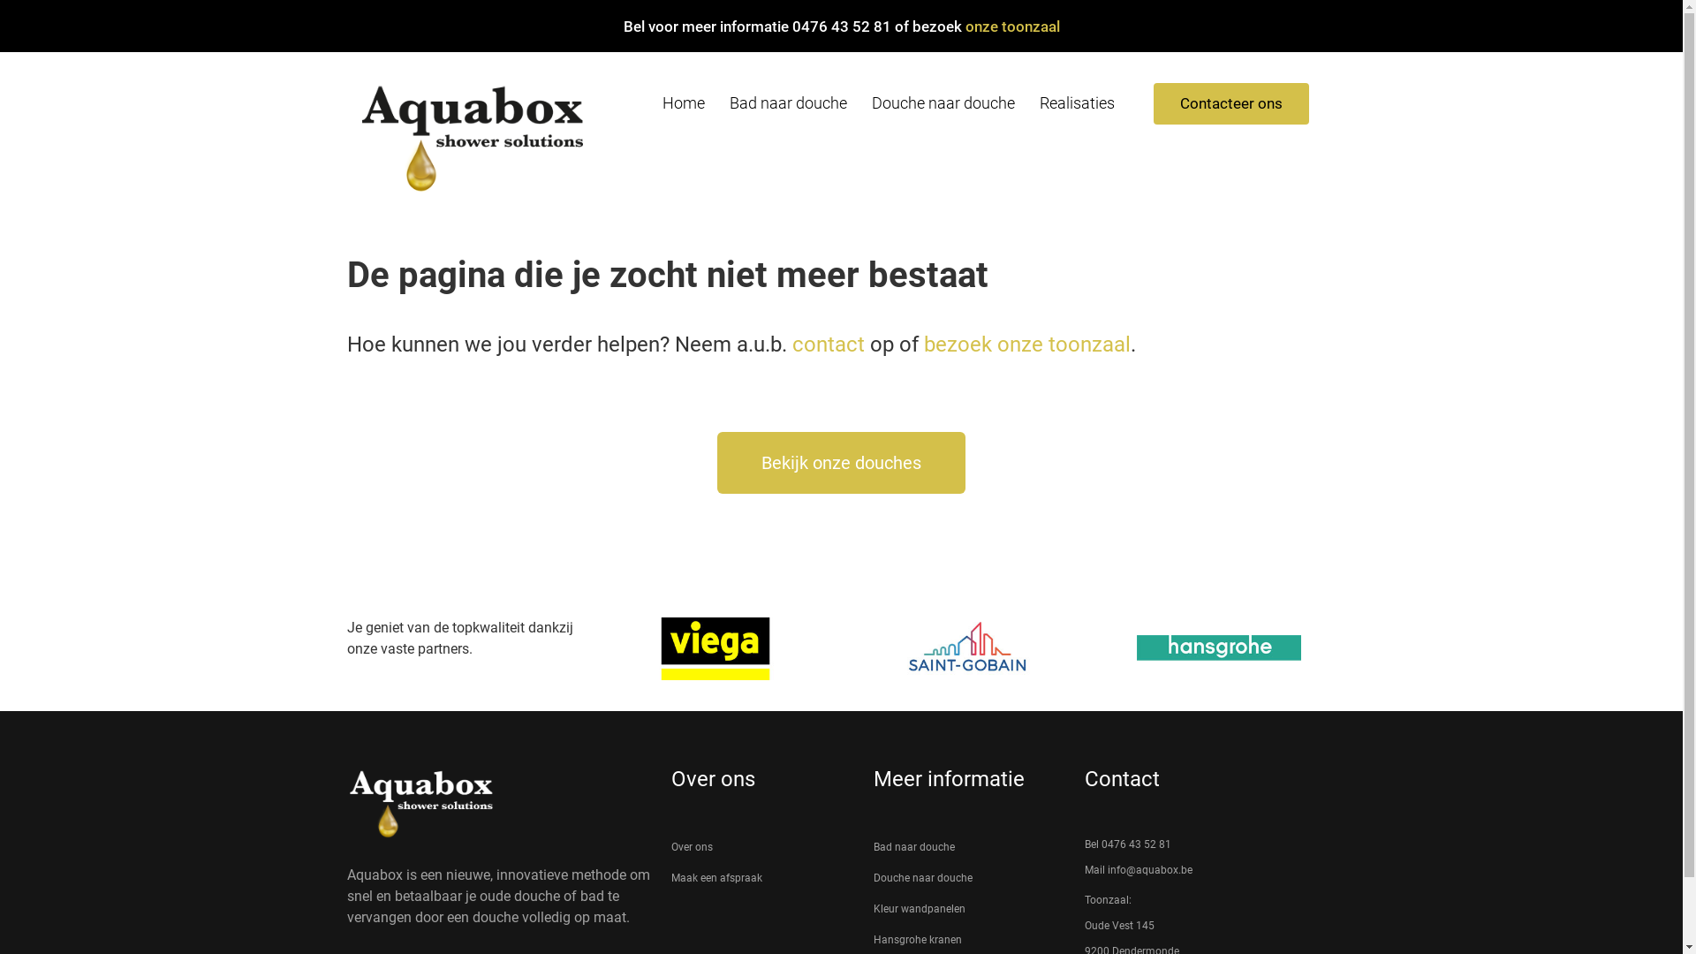 The width and height of the screenshot is (1696, 954). I want to click on 'Maak een afspraak', so click(670, 878).